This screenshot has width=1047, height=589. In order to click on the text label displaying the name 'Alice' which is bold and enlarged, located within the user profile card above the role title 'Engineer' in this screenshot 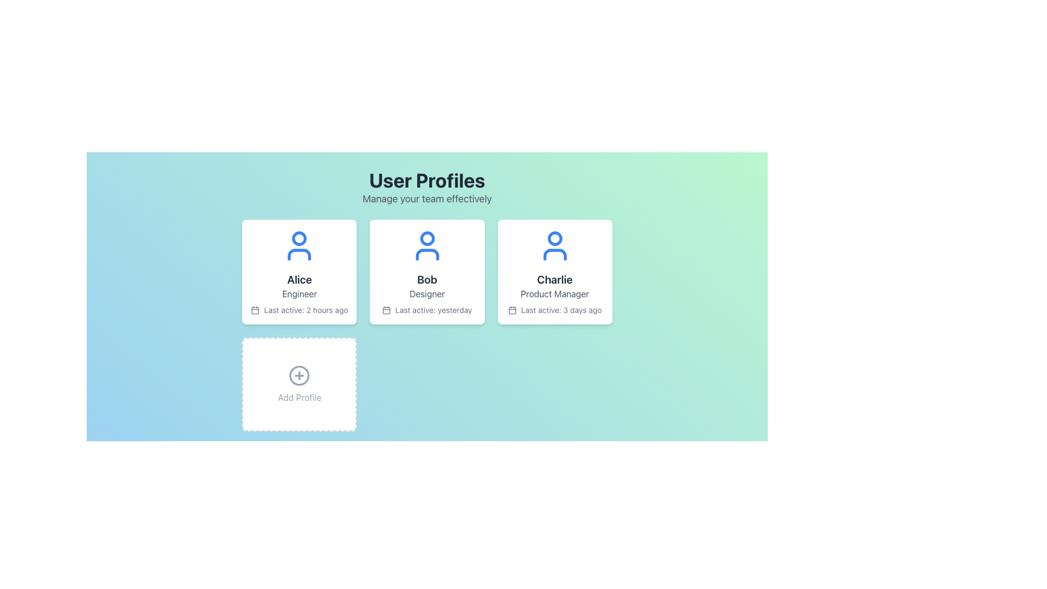, I will do `click(299, 279)`.